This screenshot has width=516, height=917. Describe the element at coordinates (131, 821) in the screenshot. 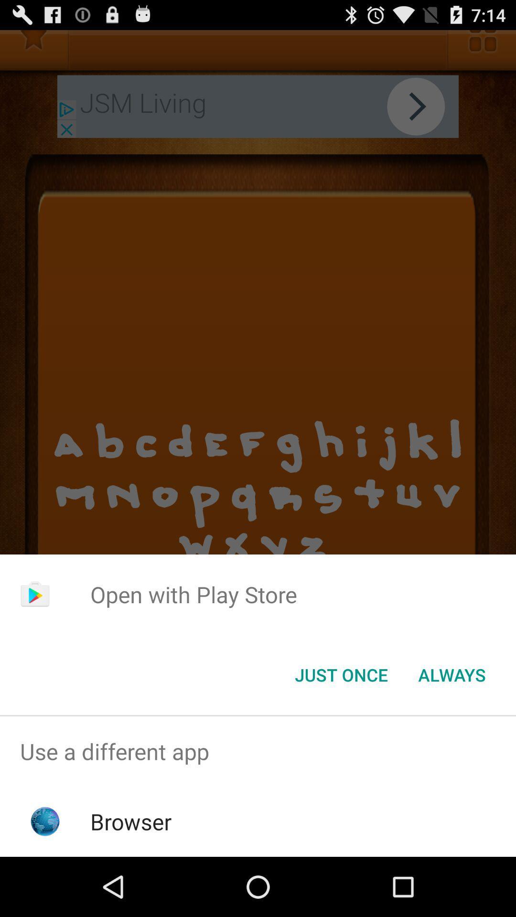

I see `the item below the use a different item` at that location.